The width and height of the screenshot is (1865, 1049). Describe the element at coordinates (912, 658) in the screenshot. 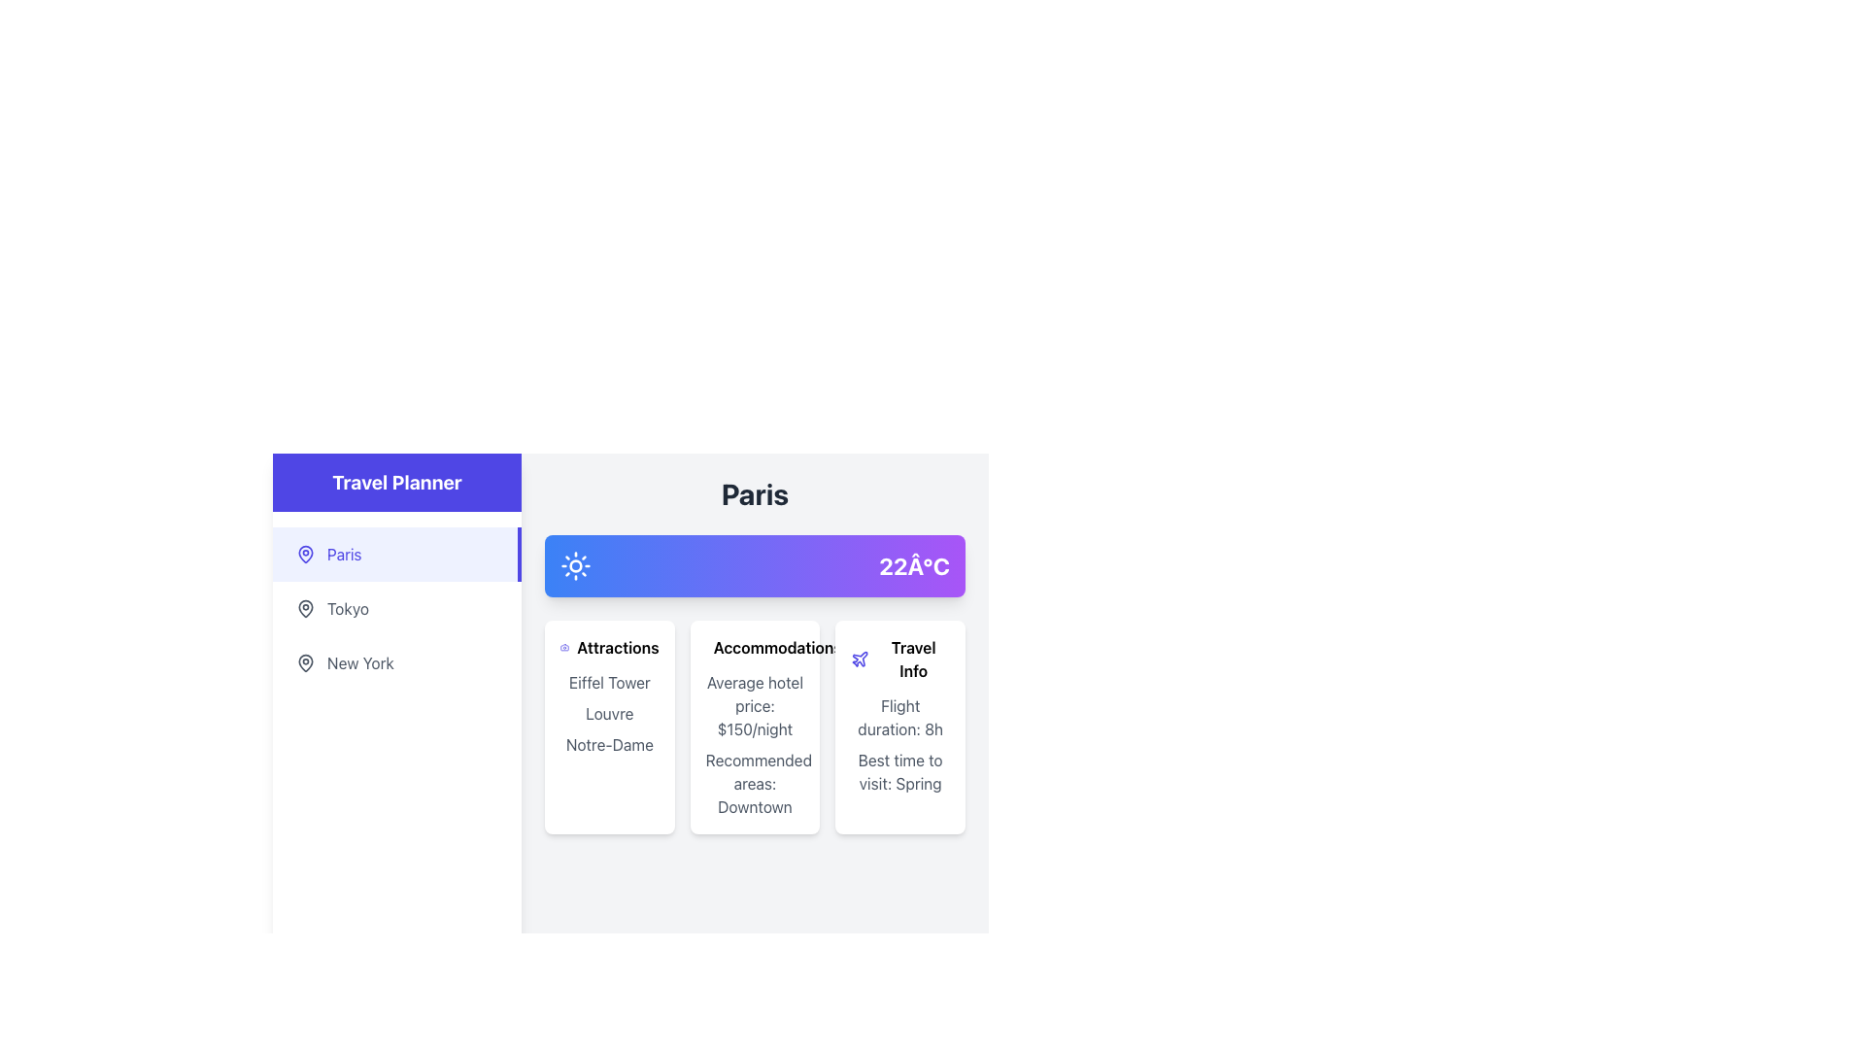

I see `the 'Travel Info' text label, which indicates the topic of a section in the UI, positioned in the third column of a grid next to 'Accommodation'` at that location.